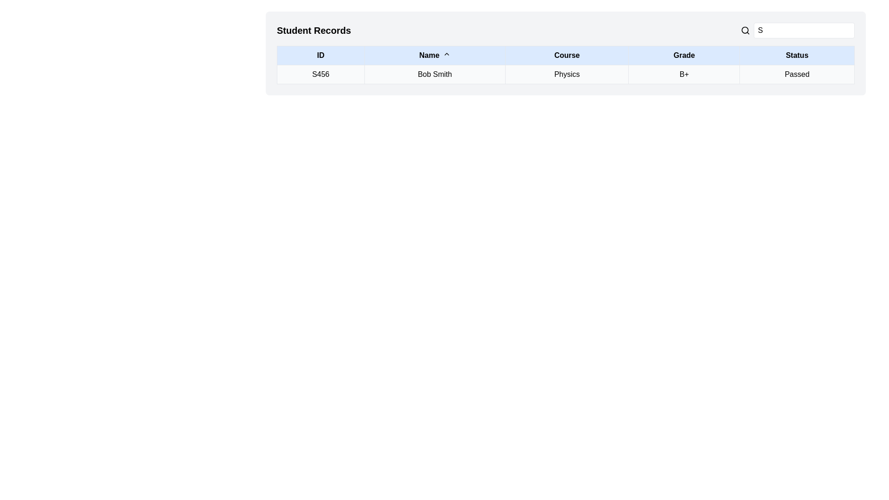  What do you see at coordinates (320, 55) in the screenshot?
I see `the 'ID' table header cell` at bounding box center [320, 55].